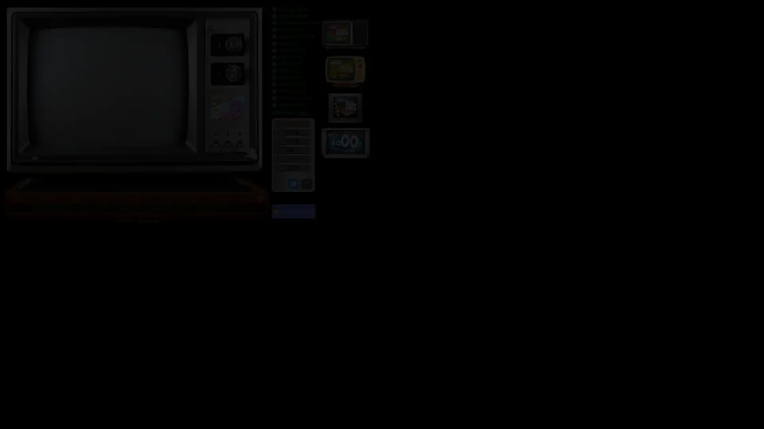  What do you see at coordinates (292, 150) in the screenshot?
I see `VOL +` at bounding box center [292, 150].